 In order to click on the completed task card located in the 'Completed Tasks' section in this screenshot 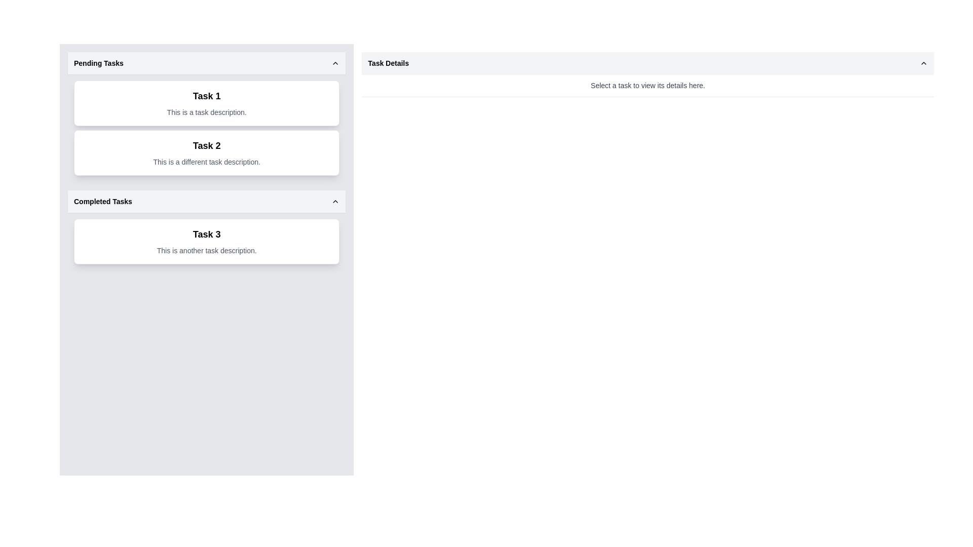, I will do `click(206, 230)`.